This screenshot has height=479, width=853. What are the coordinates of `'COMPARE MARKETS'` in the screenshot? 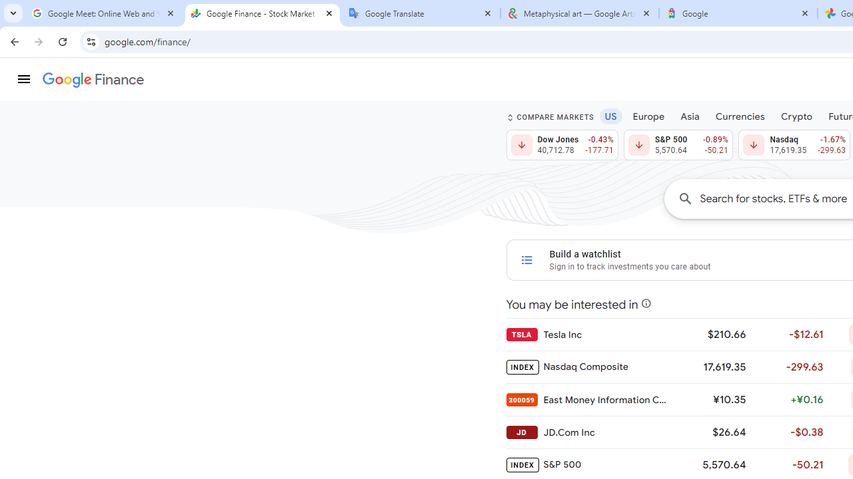 It's located at (550, 116).